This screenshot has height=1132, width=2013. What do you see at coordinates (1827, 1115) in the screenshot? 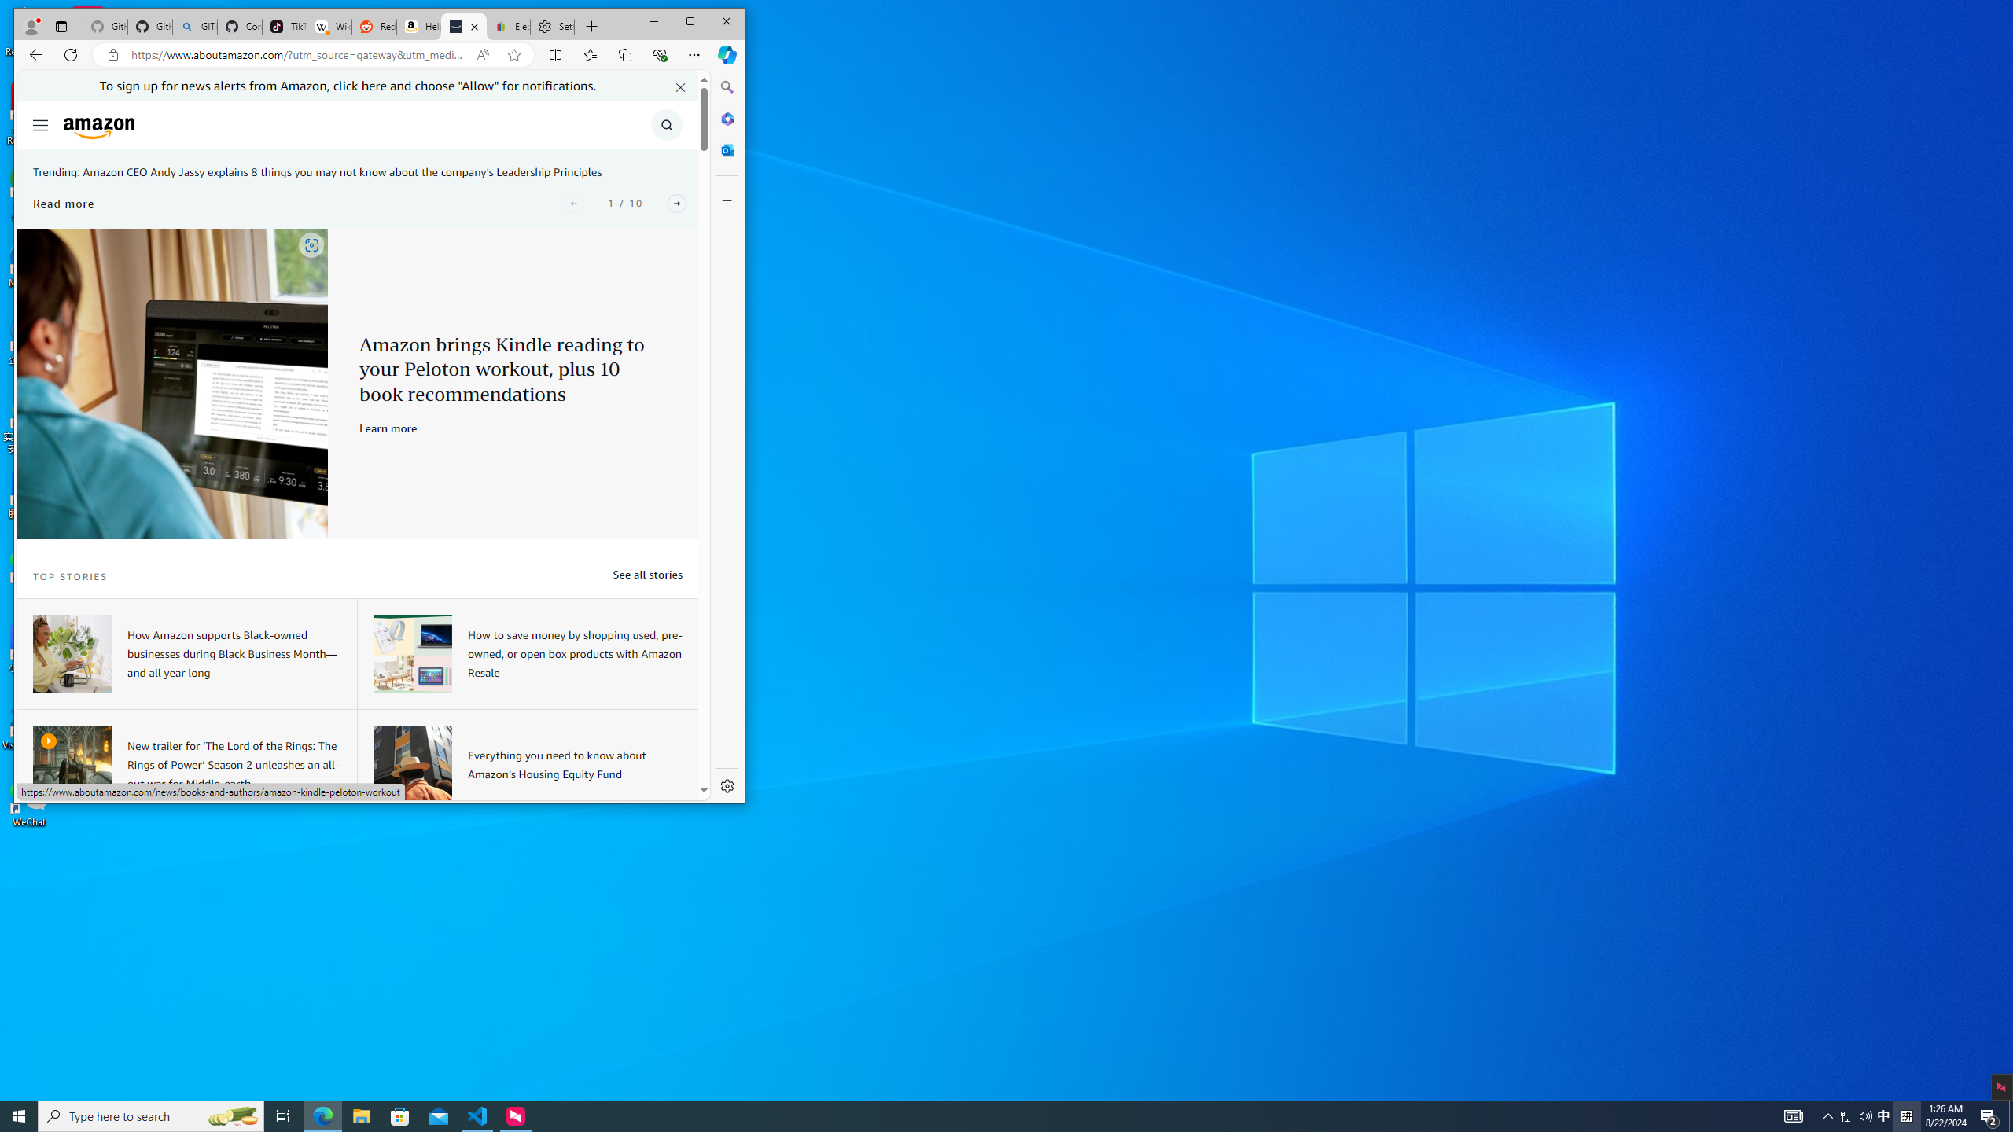
I see `'Notification Chevron'` at bounding box center [1827, 1115].